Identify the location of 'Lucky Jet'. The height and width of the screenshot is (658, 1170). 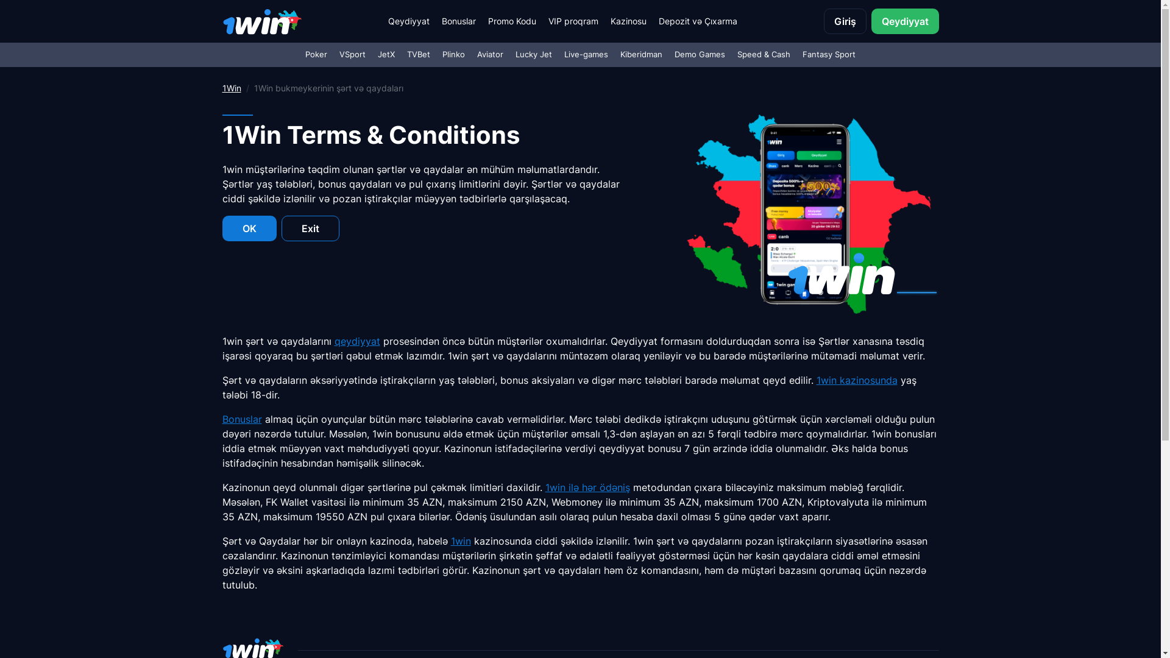
(533, 54).